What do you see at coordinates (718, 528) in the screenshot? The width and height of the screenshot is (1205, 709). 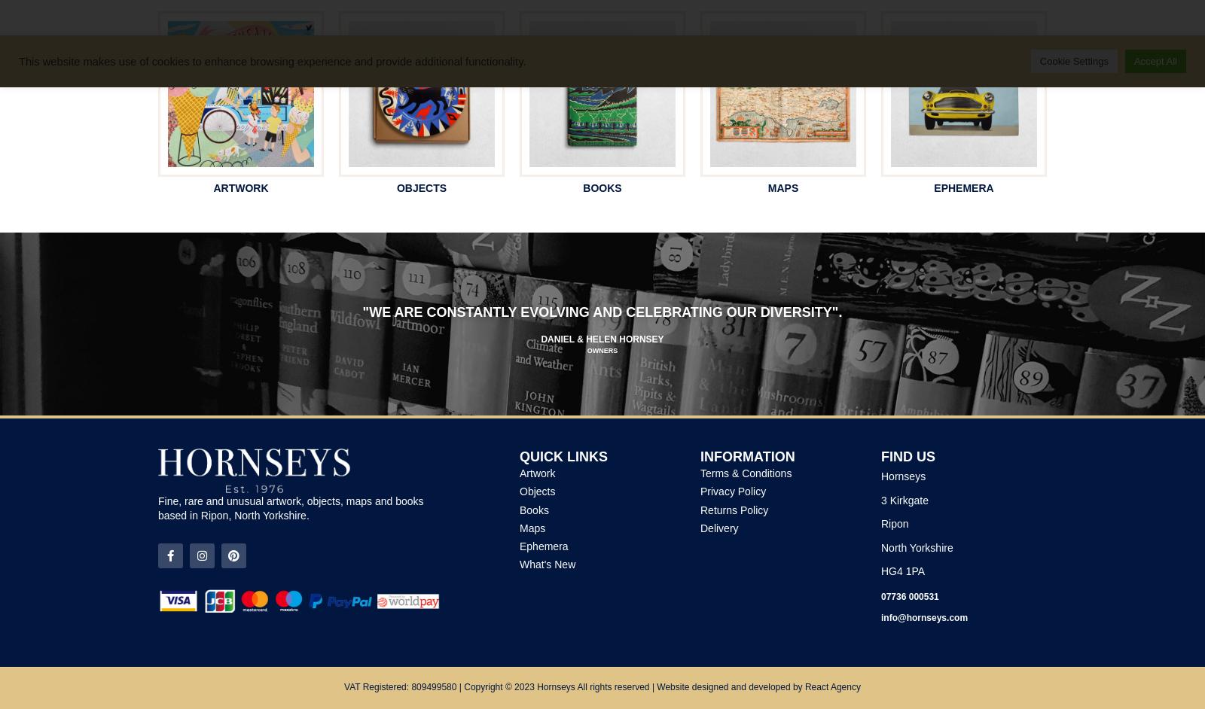 I see `'Delivery'` at bounding box center [718, 528].